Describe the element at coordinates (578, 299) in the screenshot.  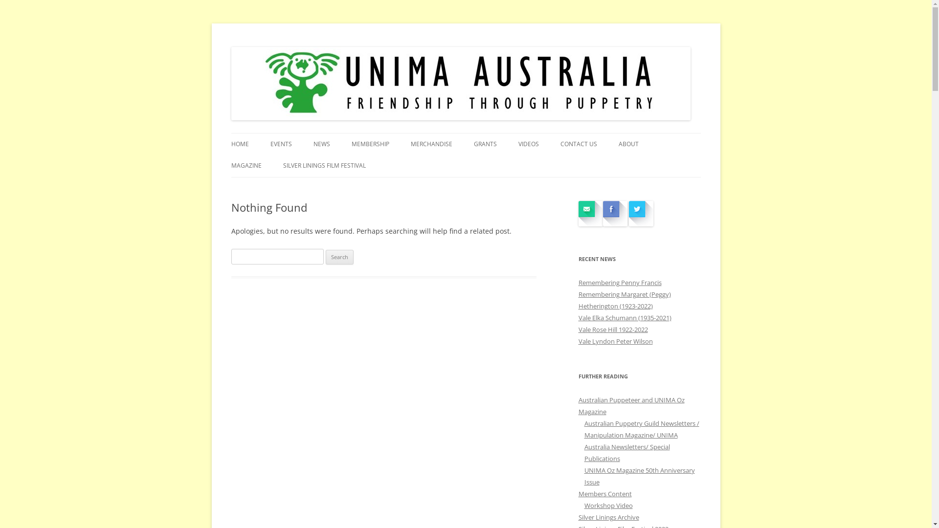
I see `'Remembering Margaret (Peggy) Hetherington (1923-2022)'` at that location.